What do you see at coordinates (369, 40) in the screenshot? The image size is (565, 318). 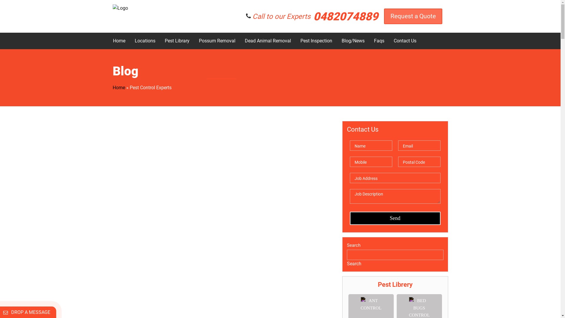 I see `'Faqs'` at bounding box center [369, 40].